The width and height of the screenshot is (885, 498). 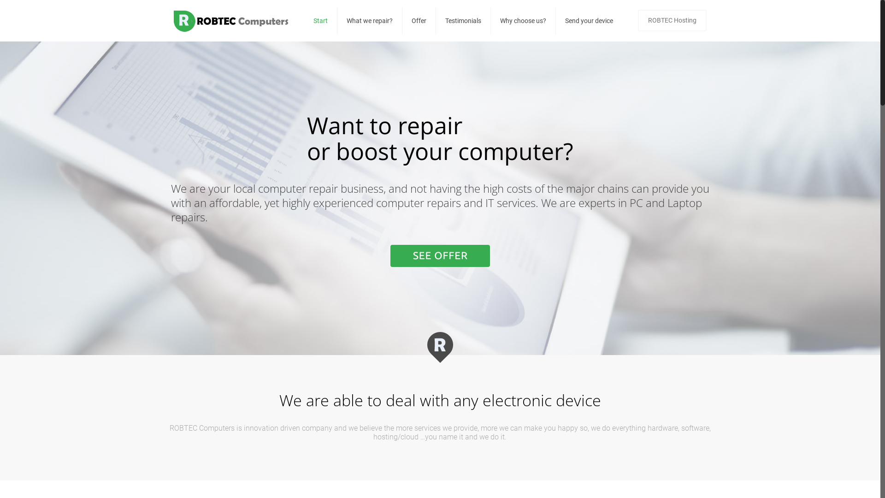 What do you see at coordinates (588, 21) in the screenshot?
I see `'Send your device'` at bounding box center [588, 21].